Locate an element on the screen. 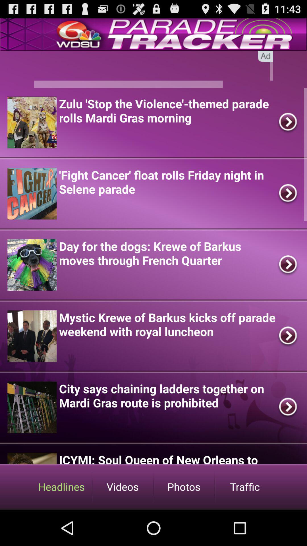 The width and height of the screenshot is (307, 546). the sixth image from the top is located at coordinates (32, 458).